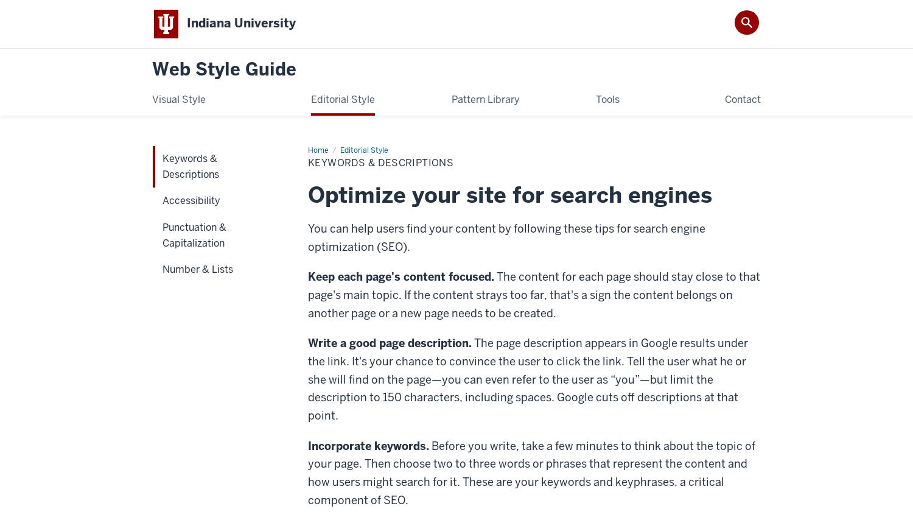 The image size is (913, 520). I want to click on 'Write a good page description.', so click(390, 342).